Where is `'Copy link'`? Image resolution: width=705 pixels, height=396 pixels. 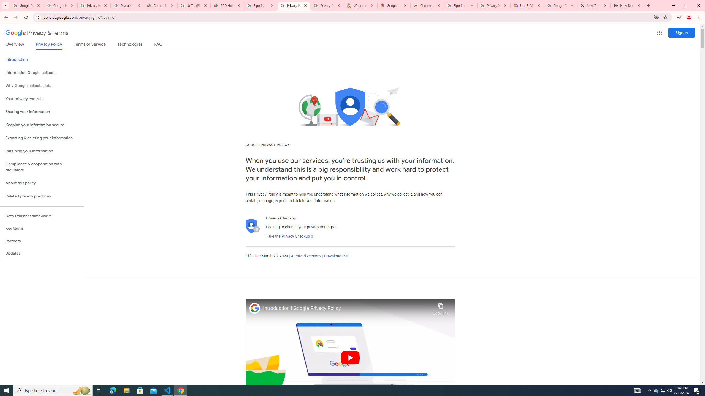 'Copy link' is located at coordinates (440, 307).